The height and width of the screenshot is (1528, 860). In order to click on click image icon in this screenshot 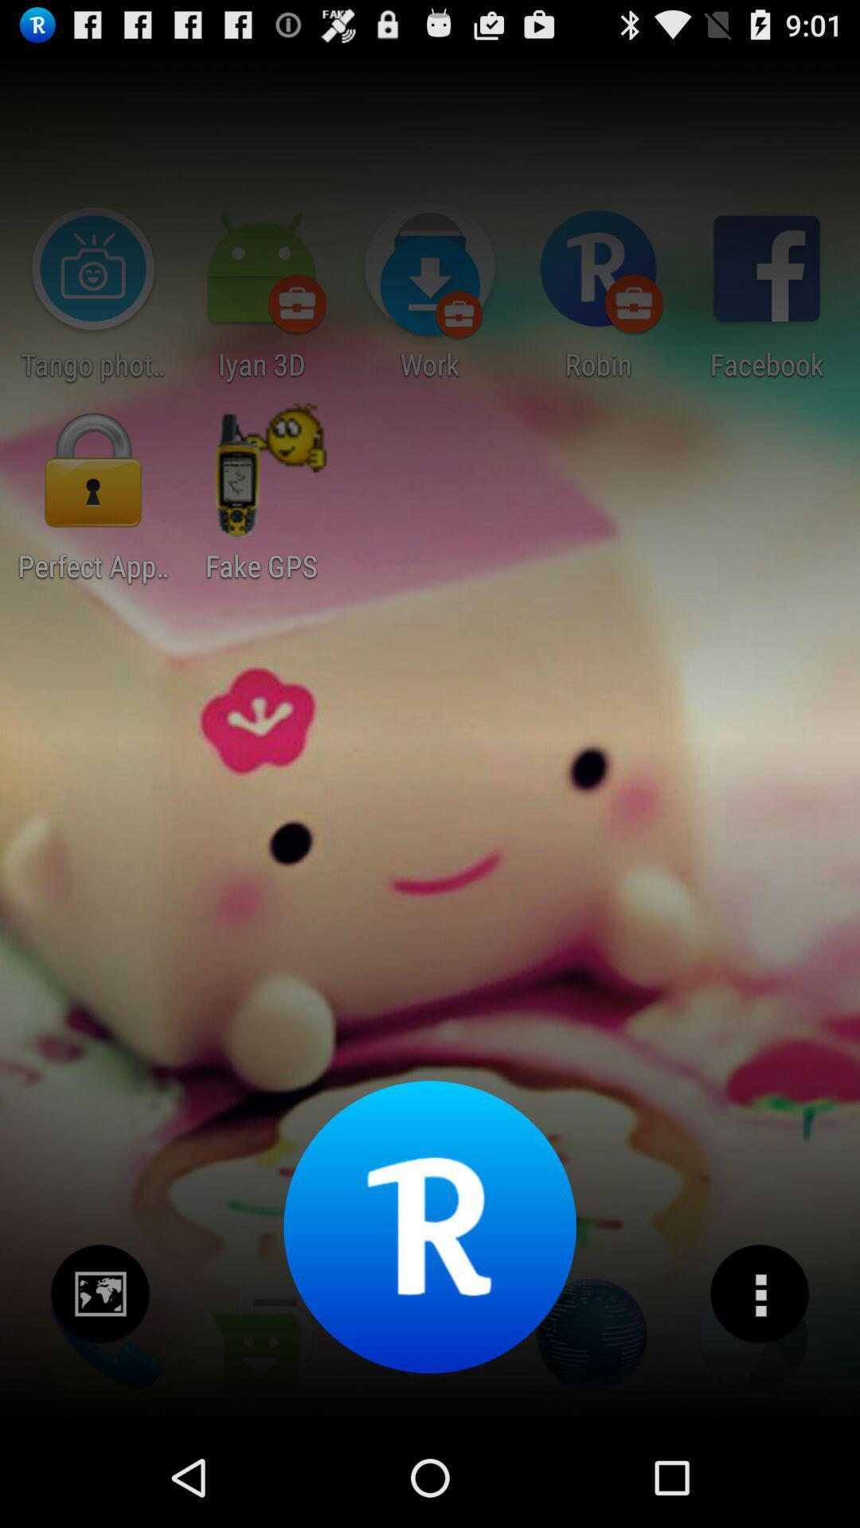, I will do `click(100, 1294)`.